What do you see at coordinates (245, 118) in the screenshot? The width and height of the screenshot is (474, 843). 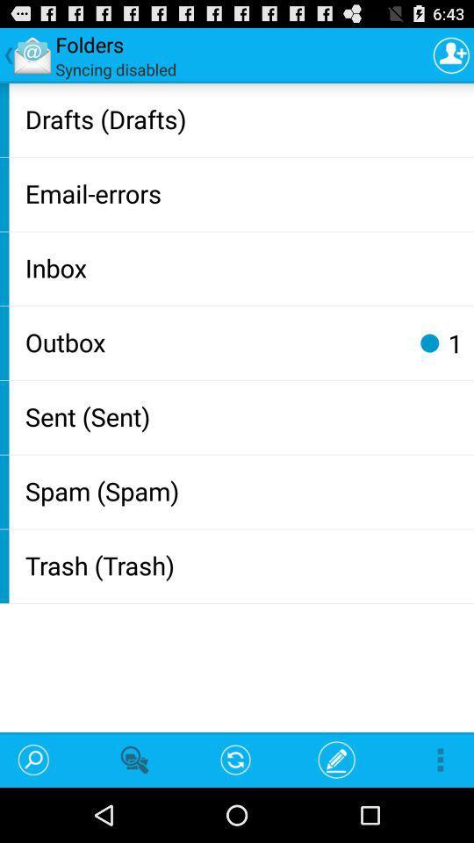 I see `the app below the syncing disabled icon` at bounding box center [245, 118].